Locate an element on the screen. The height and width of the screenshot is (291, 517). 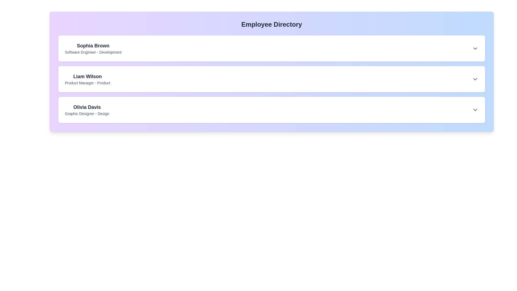
the employee directory entry located in the third row, which displays the employee's name and role, positioned below 'Liam Wilson' is located at coordinates (87, 110).